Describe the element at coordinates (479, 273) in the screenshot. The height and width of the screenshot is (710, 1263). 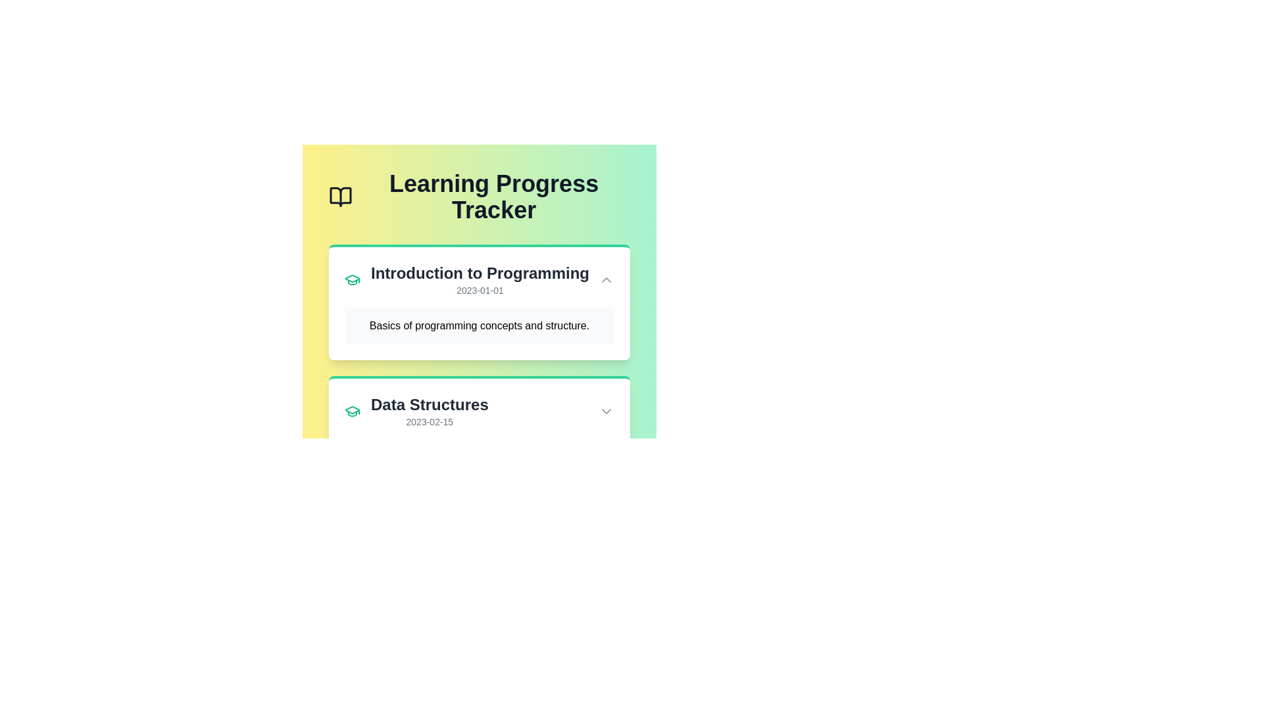
I see `the heading labeled 'Introduction to Programming', which is prominently displayed in a bold and large dark gray font near the top-left corner of the 'Learning Progress Tracker' section` at that location.